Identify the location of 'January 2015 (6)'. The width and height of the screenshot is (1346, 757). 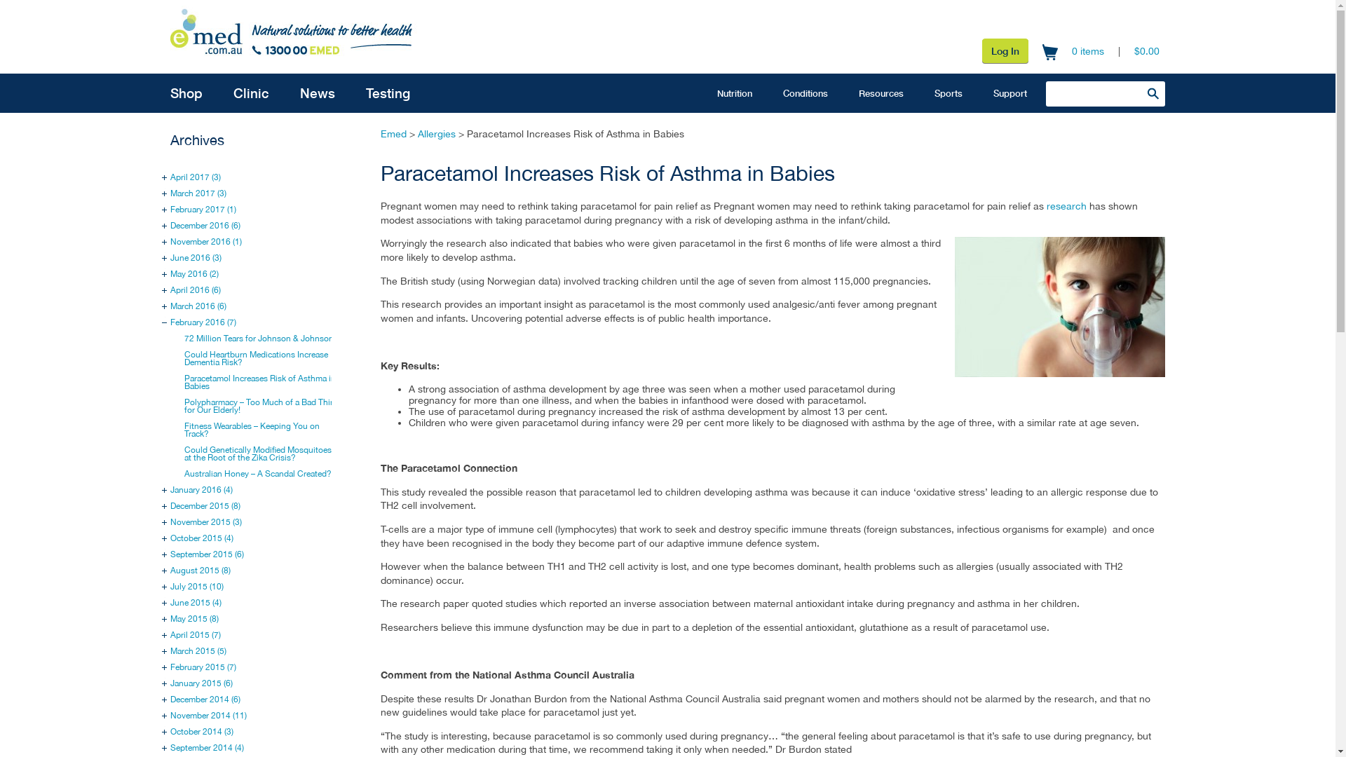
(200, 683).